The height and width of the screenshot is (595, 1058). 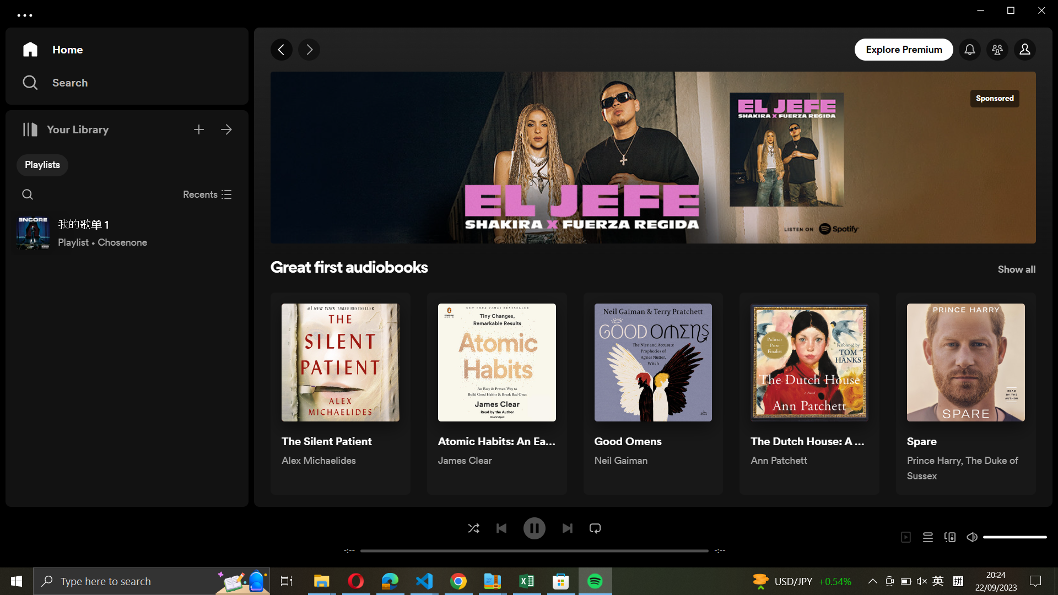 I want to click on the audiobook "Silent Patient" in your digital collection, so click(x=339, y=393).